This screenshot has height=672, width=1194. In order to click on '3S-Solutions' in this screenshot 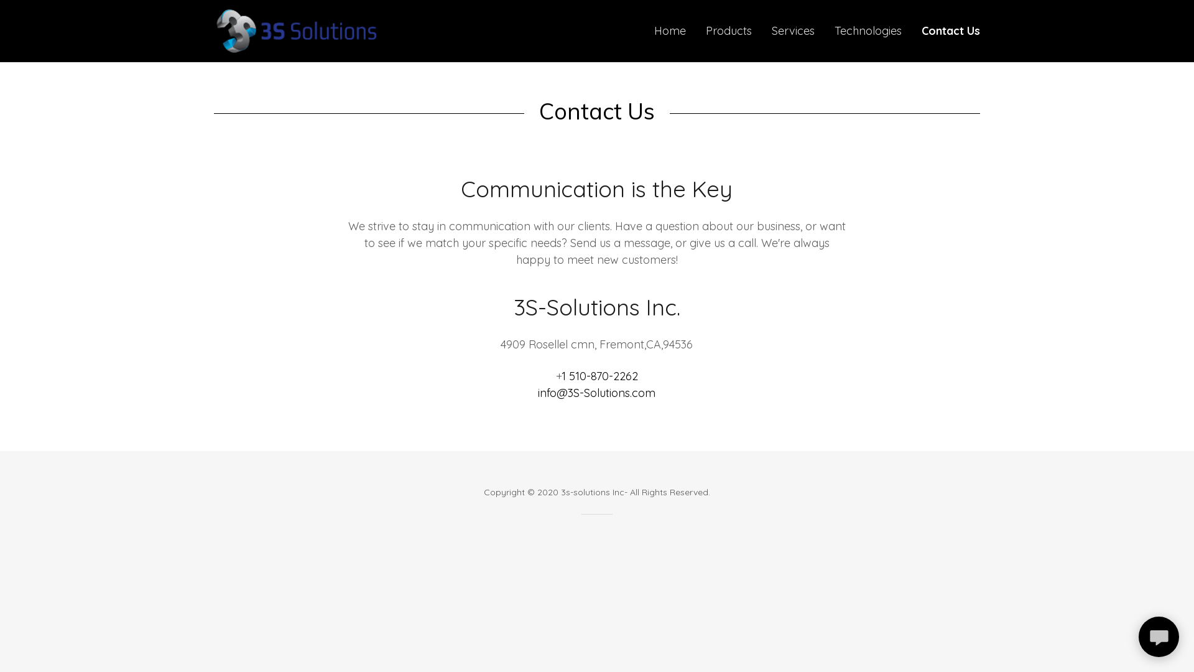, I will do `click(295, 29)`.